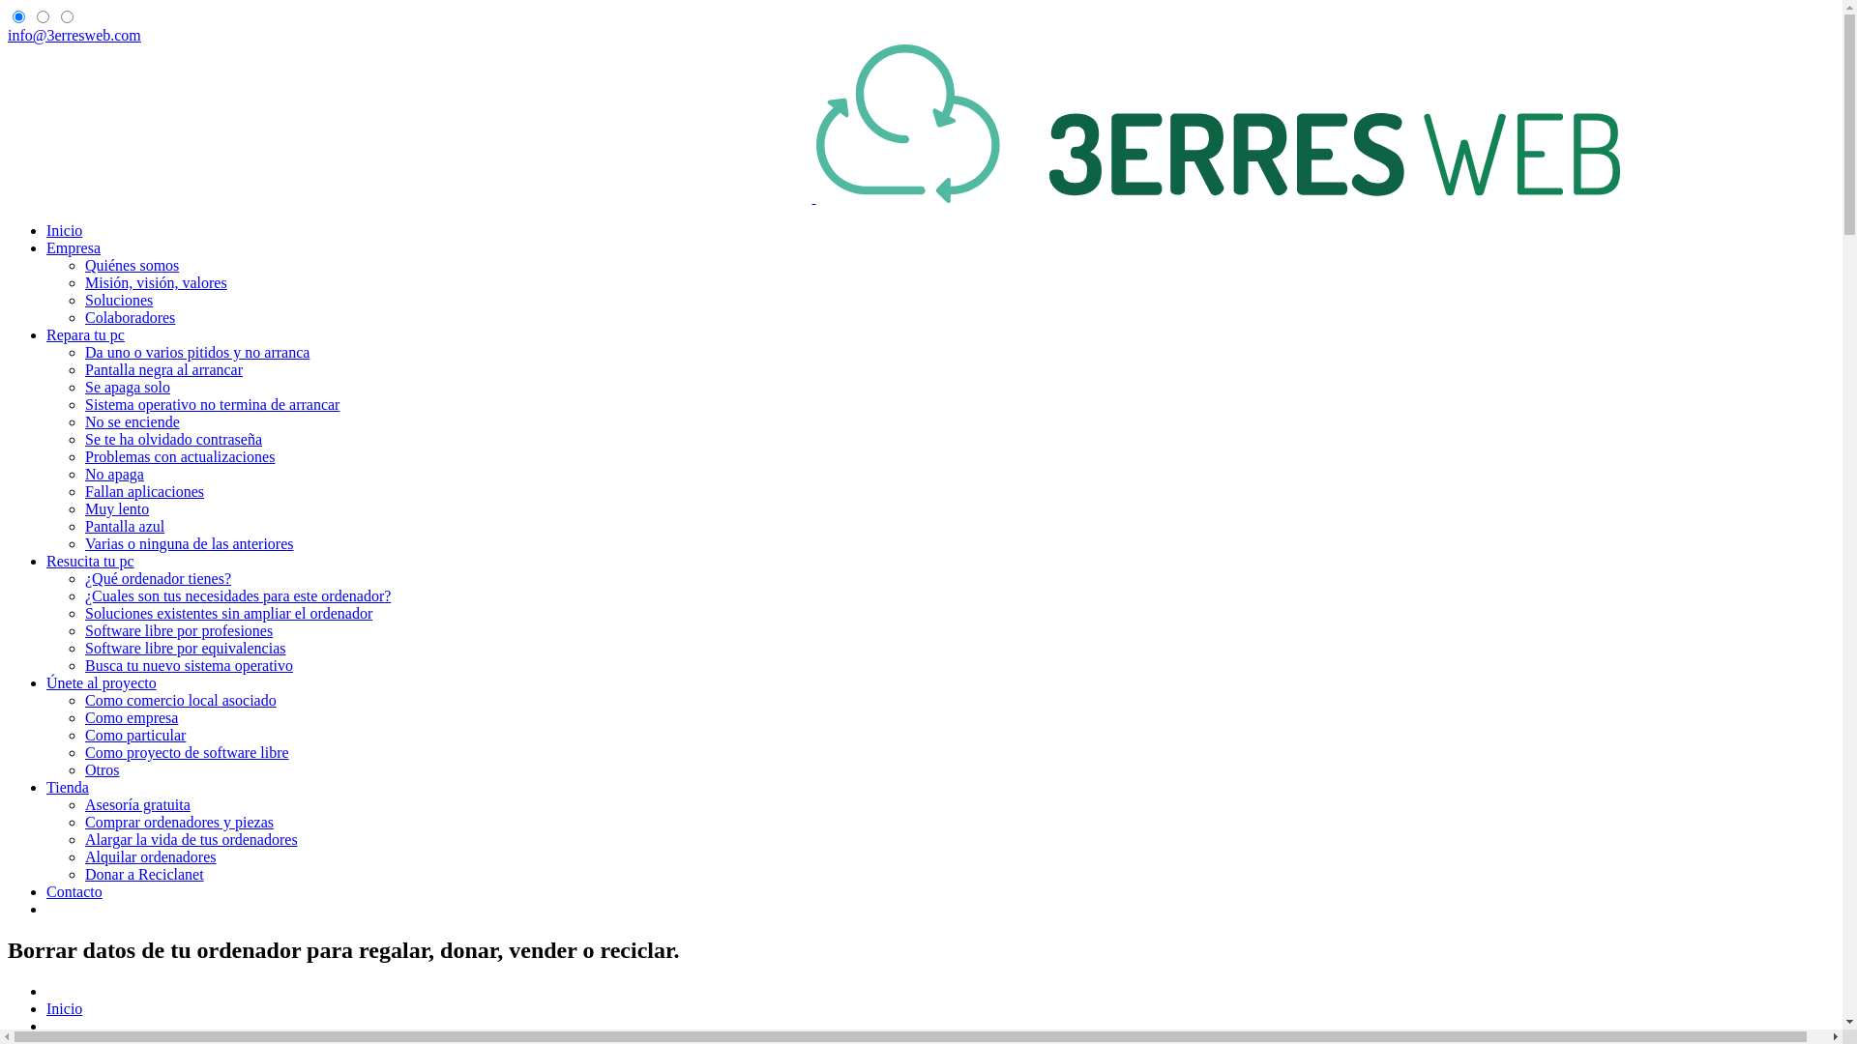 The image size is (1857, 1044). I want to click on 'Resucita tu pc', so click(89, 561).